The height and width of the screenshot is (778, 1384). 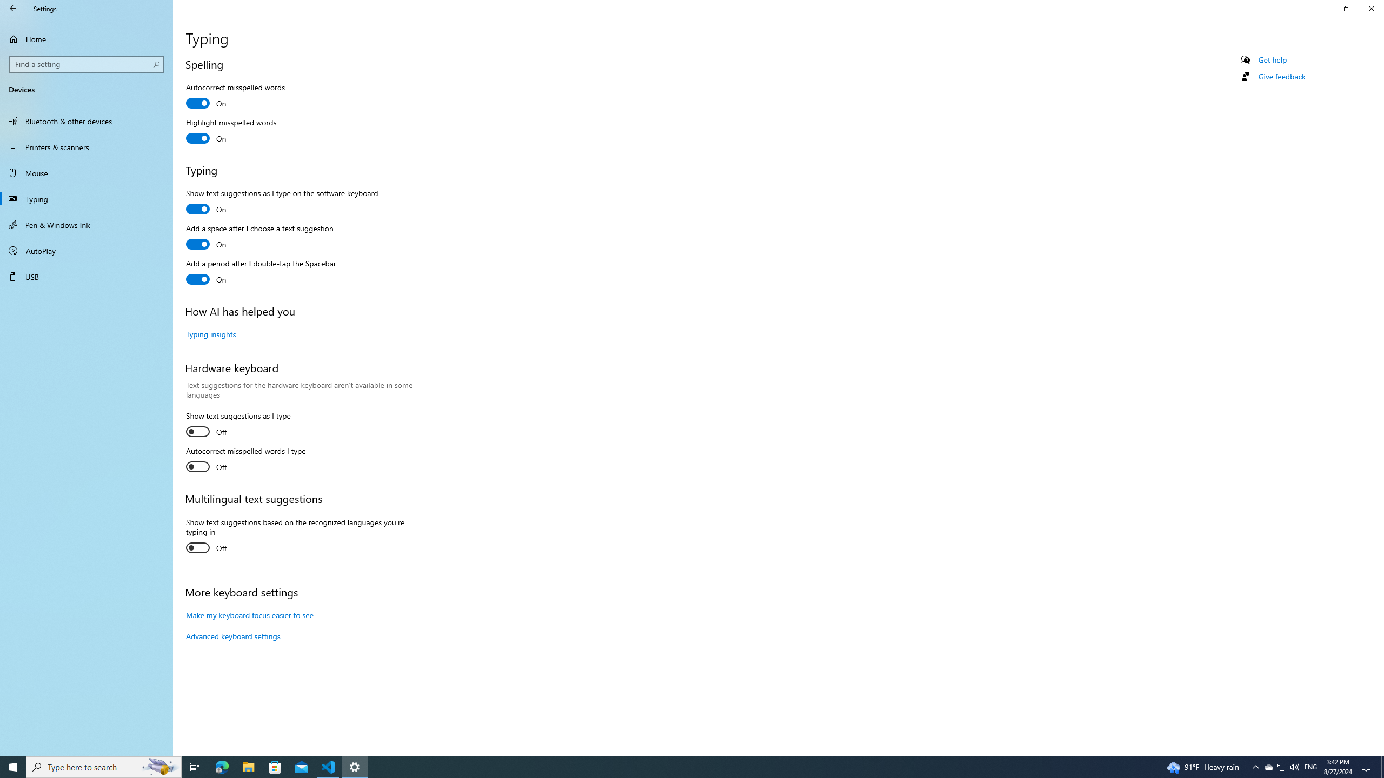 I want to click on 'Tray Input Indicator - English (United States)', so click(x=1310, y=766).